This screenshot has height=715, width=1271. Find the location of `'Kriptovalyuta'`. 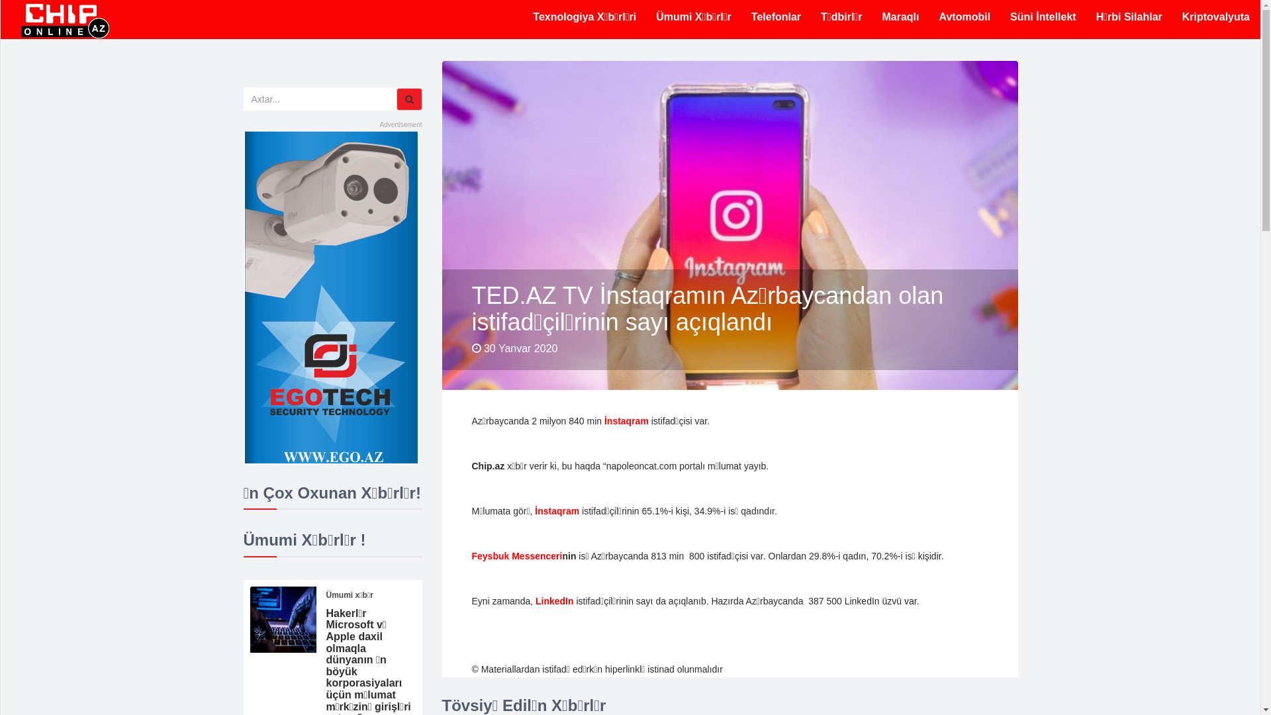

'Kriptovalyuta' is located at coordinates (1216, 17).